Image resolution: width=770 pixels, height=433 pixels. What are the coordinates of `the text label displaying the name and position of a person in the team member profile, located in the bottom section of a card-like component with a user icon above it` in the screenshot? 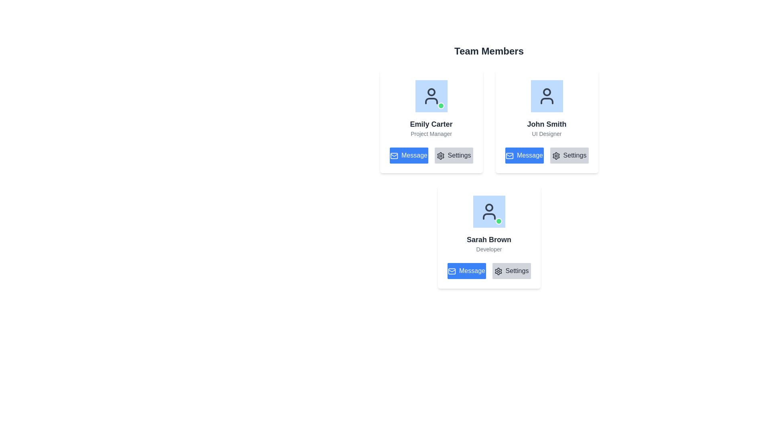 It's located at (488, 243).